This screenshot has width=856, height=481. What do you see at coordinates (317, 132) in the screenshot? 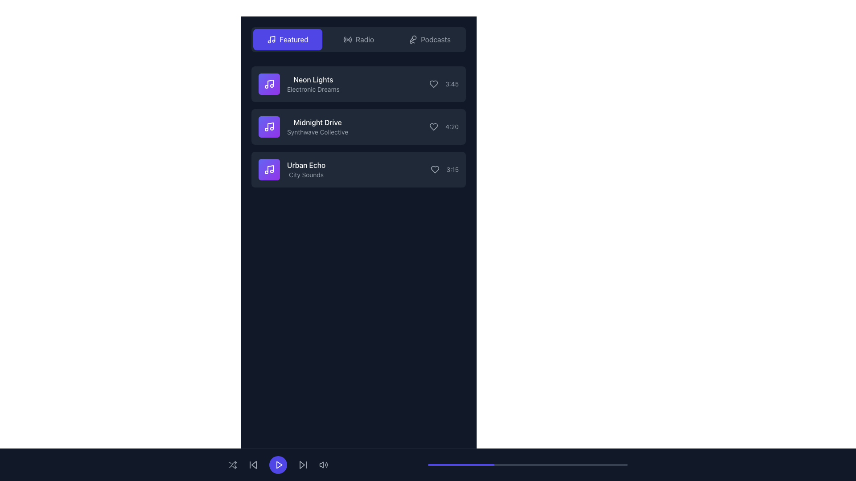
I see `the text label reading 'Synthwave Collective', which is styled in a smaller gray font and located beneath the bold white text label 'Midnight Drive'` at bounding box center [317, 132].